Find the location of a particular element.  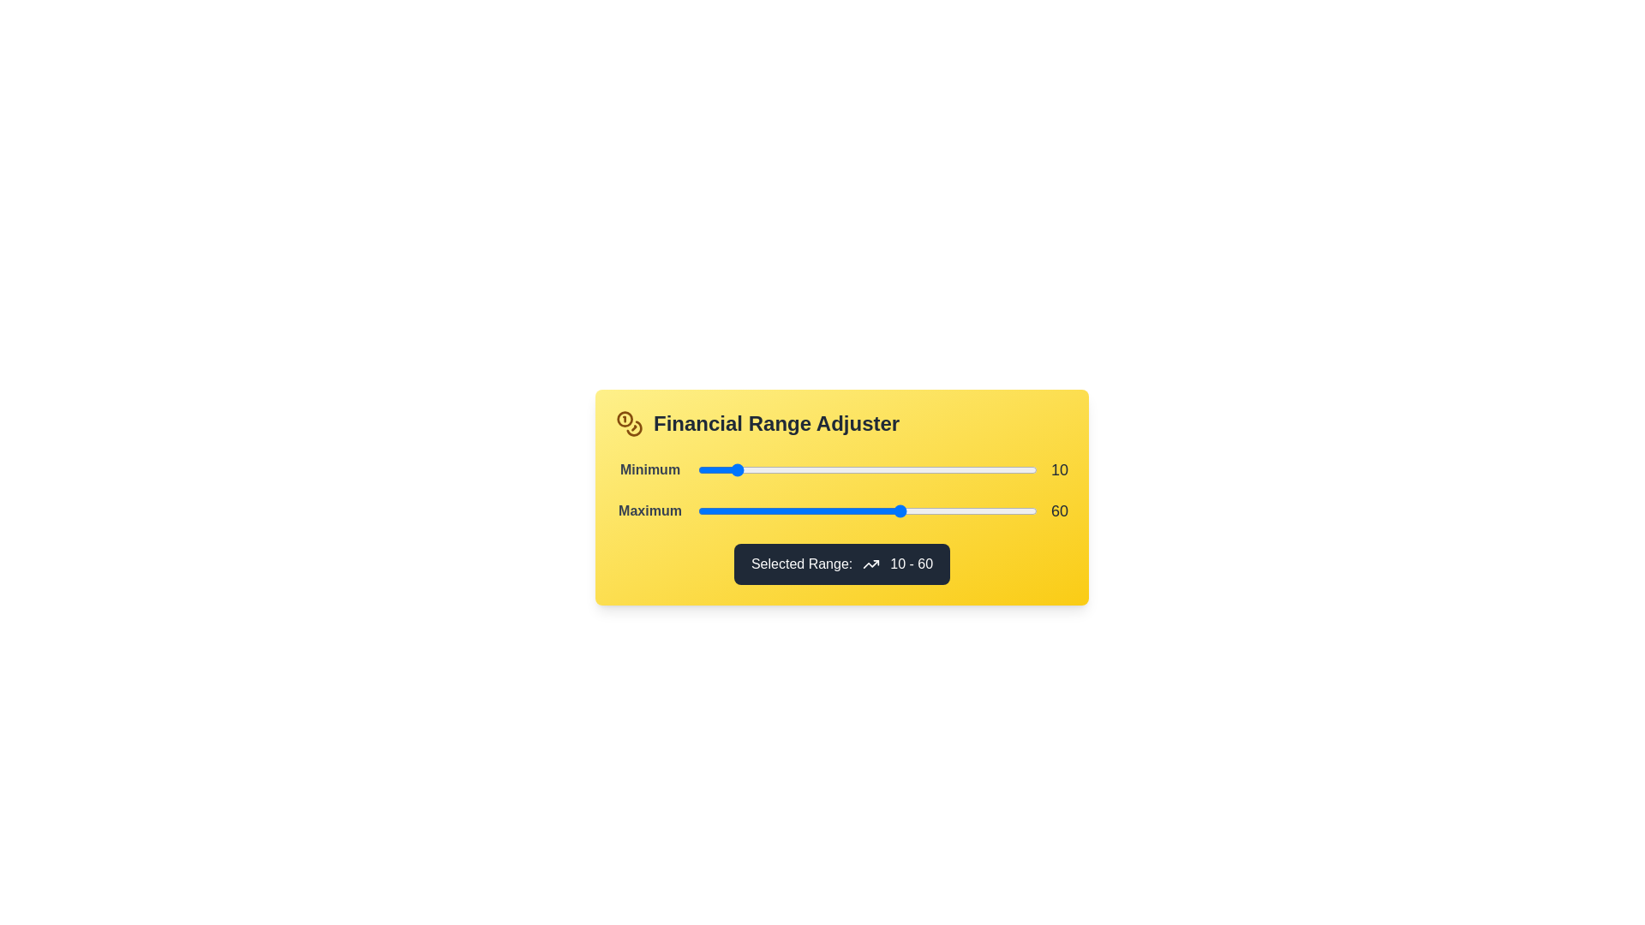

the center of the 'Financial Range Adjuster' title to focus is located at coordinates (775, 423).